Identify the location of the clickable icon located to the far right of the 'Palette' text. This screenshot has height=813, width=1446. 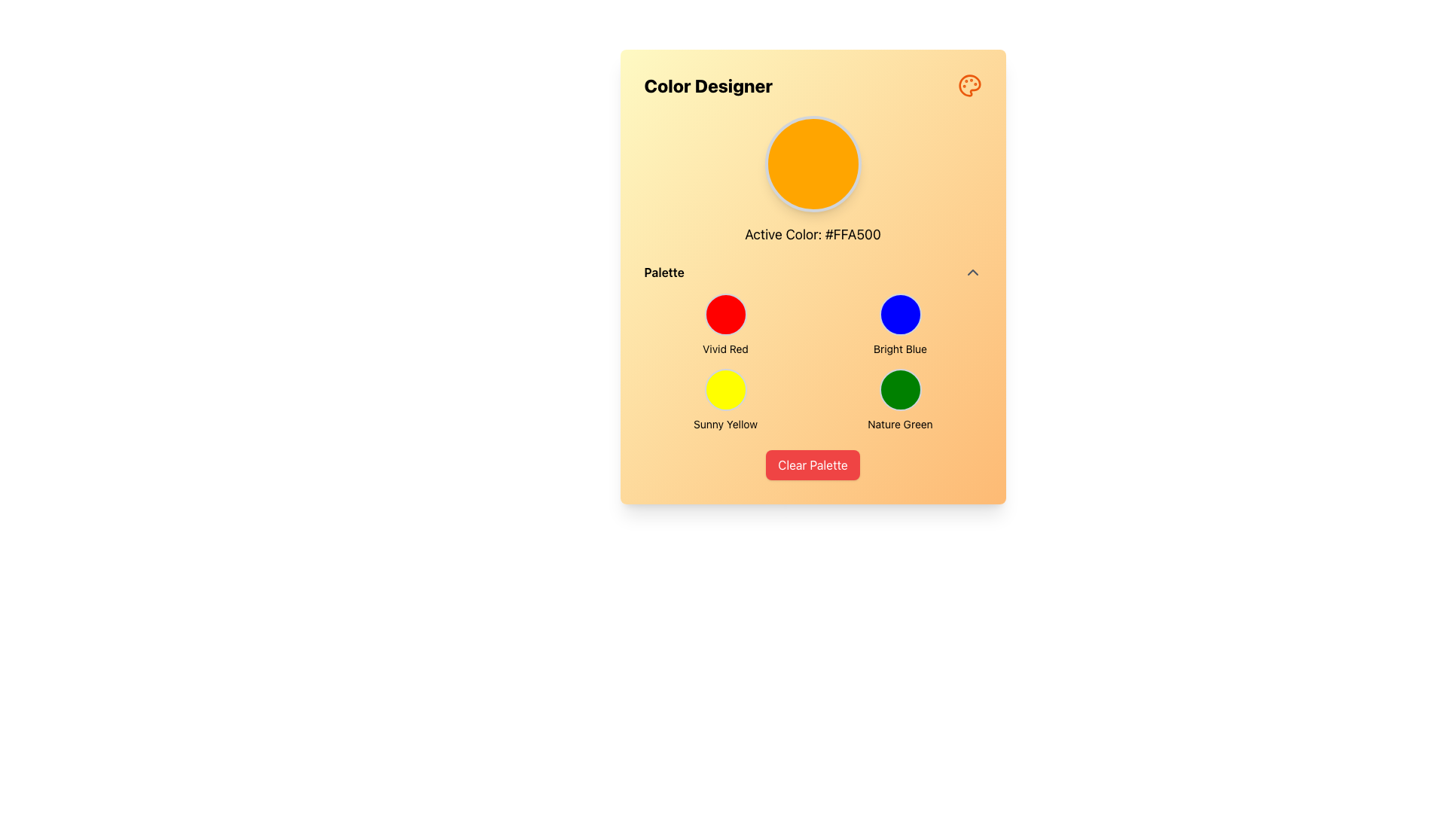
(972, 273).